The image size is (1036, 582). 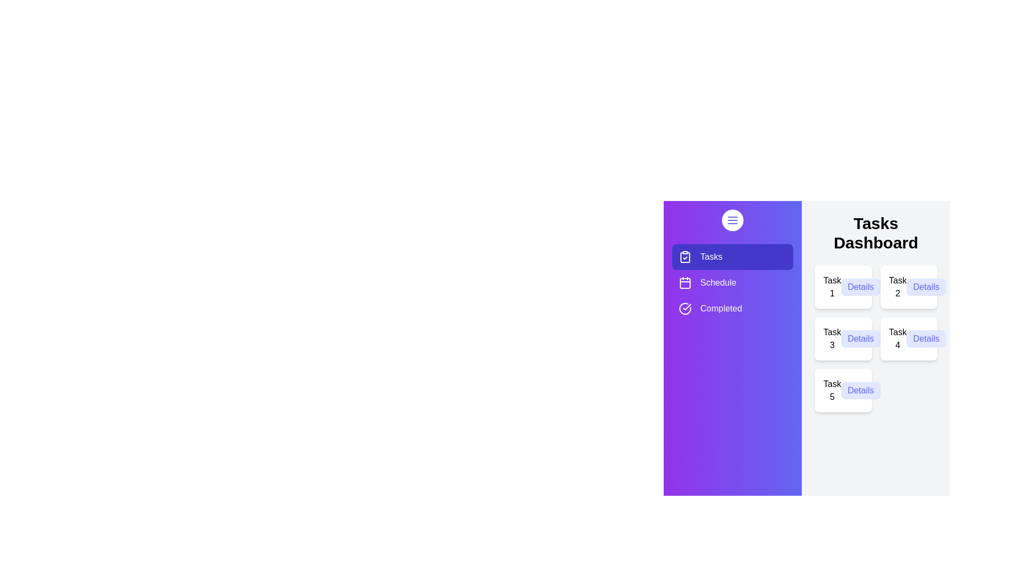 What do you see at coordinates (733, 282) in the screenshot?
I see `the Schedule tab in the sidebar` at bounding box center [733, 282].